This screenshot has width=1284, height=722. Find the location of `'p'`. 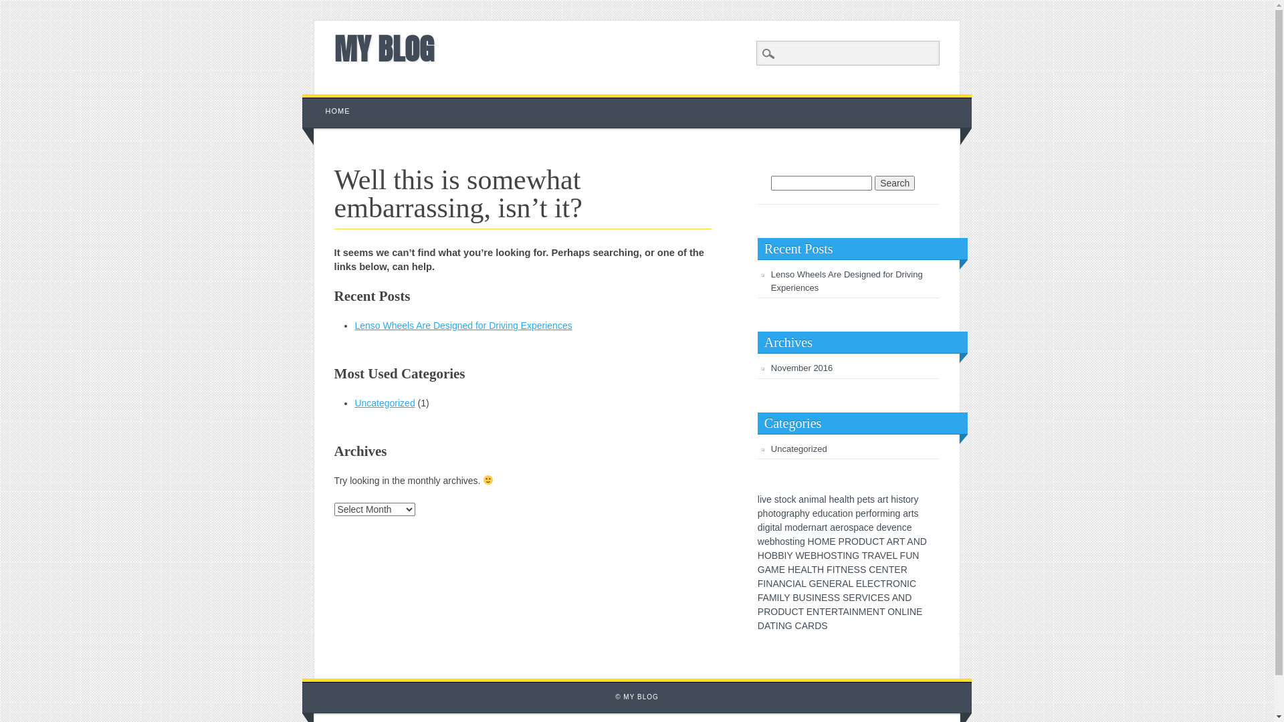

'p' is located at coordinates (757, 512).